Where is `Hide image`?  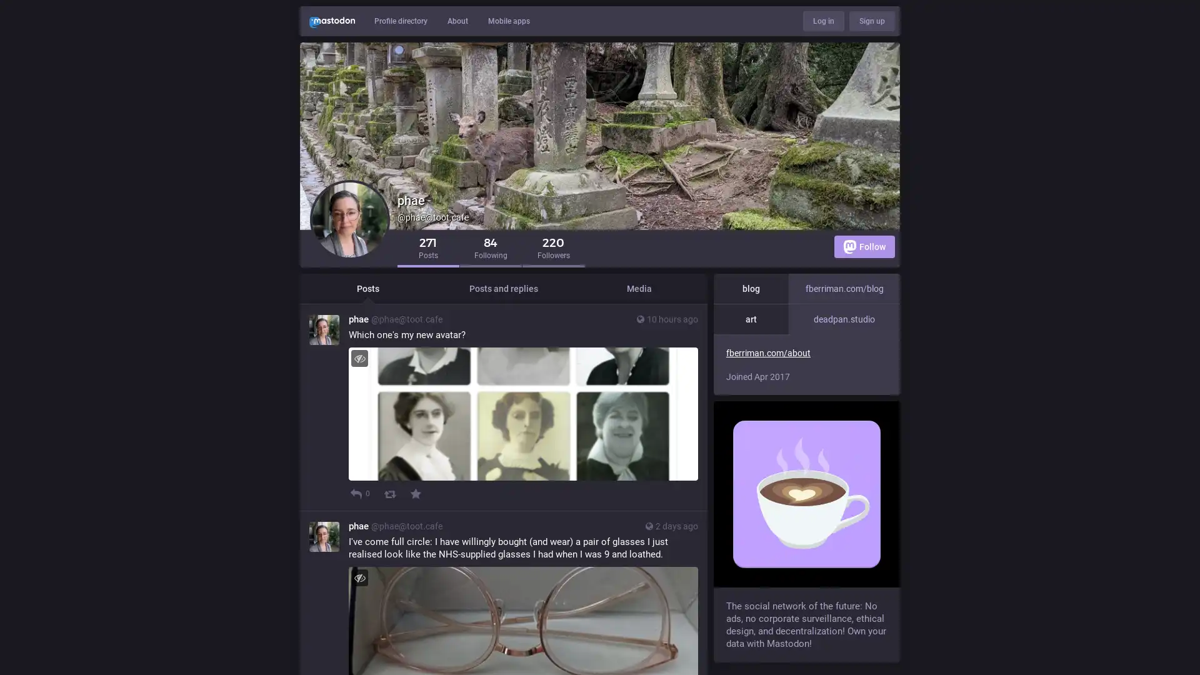 Hide image is located at coordinates (359, 358).